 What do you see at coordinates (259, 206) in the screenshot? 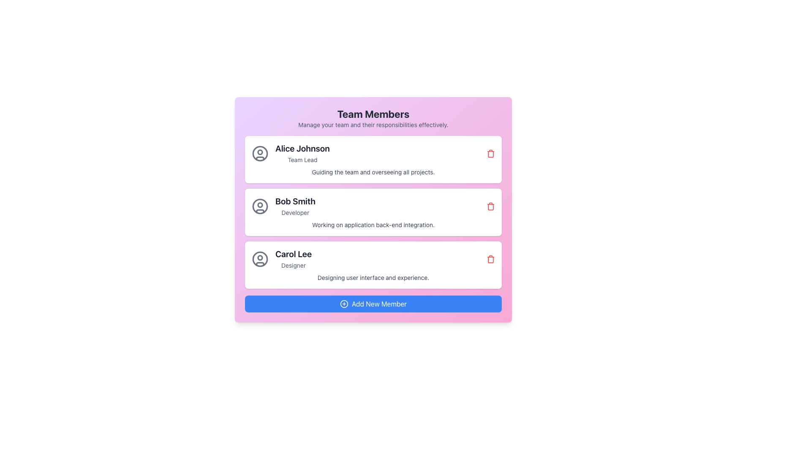
I see `the decorative SVG Circle in the user icon of the 'Bob Smith' card, which is located at the center of the second user card` at bounding box center [259, 206].